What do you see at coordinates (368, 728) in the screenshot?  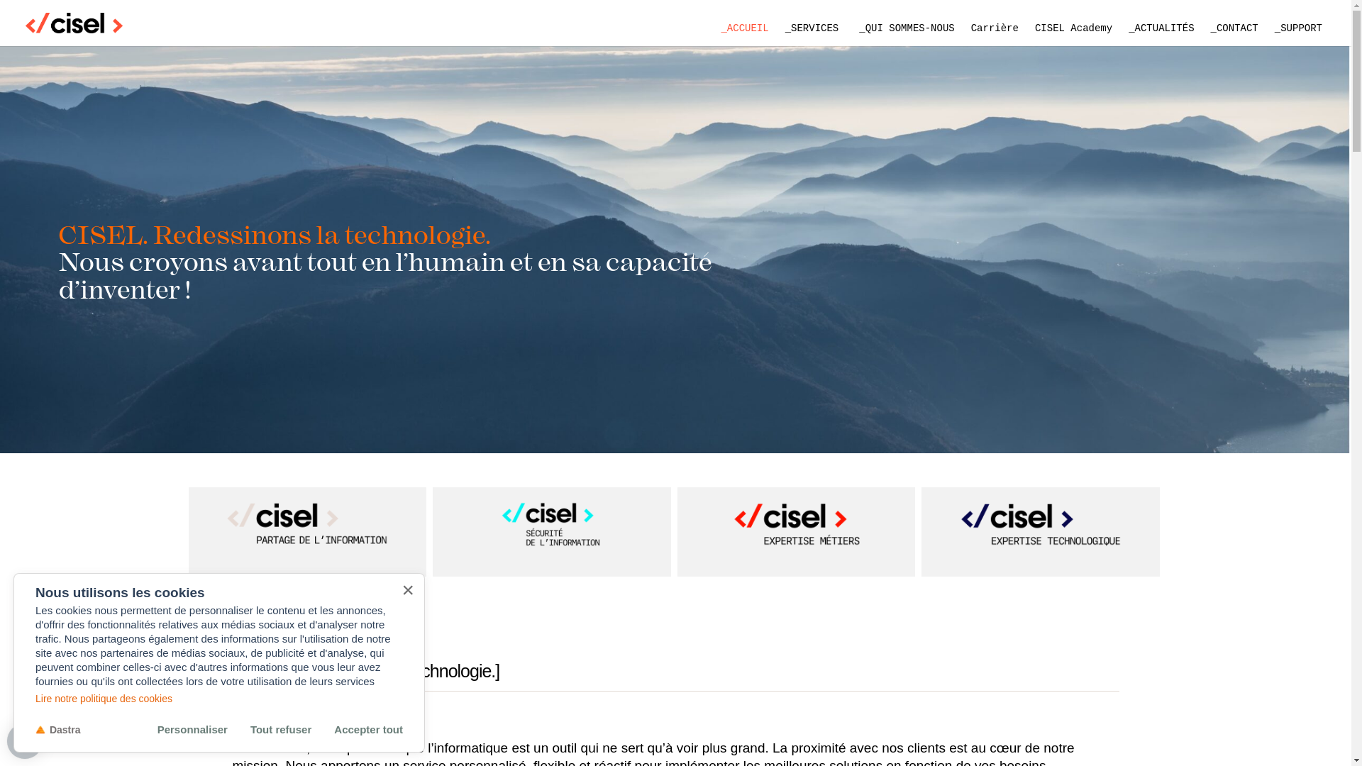 I see `'Accepter tout'` at bounding box center [368, 728].